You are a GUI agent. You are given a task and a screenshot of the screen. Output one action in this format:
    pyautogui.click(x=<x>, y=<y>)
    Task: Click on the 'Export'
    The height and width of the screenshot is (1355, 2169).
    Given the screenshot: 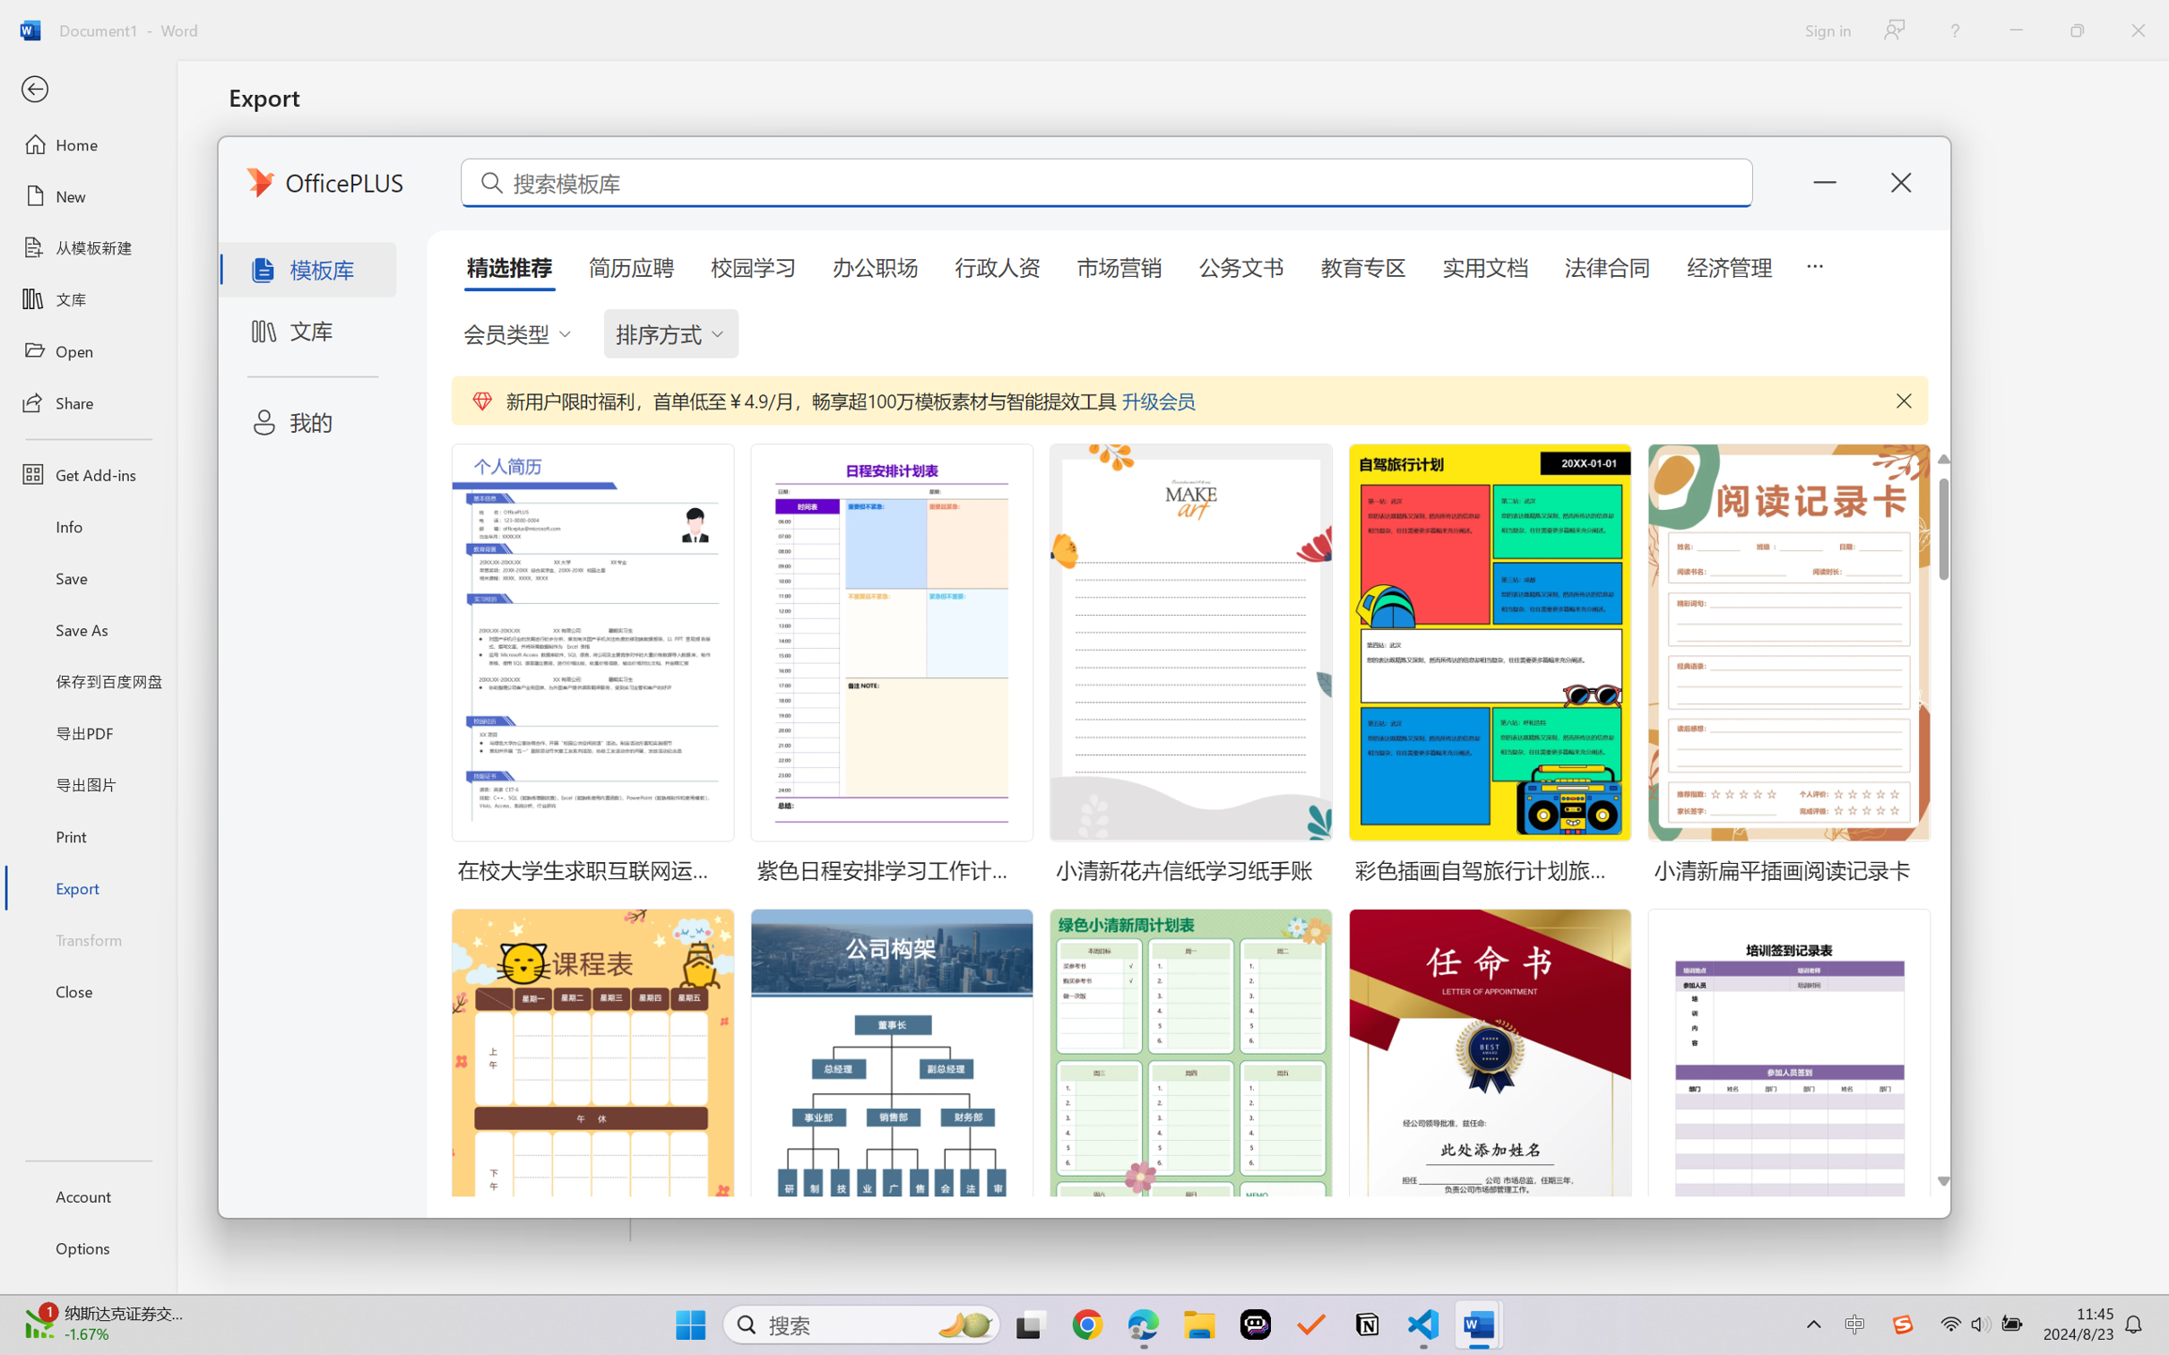 What is the action you would take?
    pyautogui.click(x=87, y=886)
    